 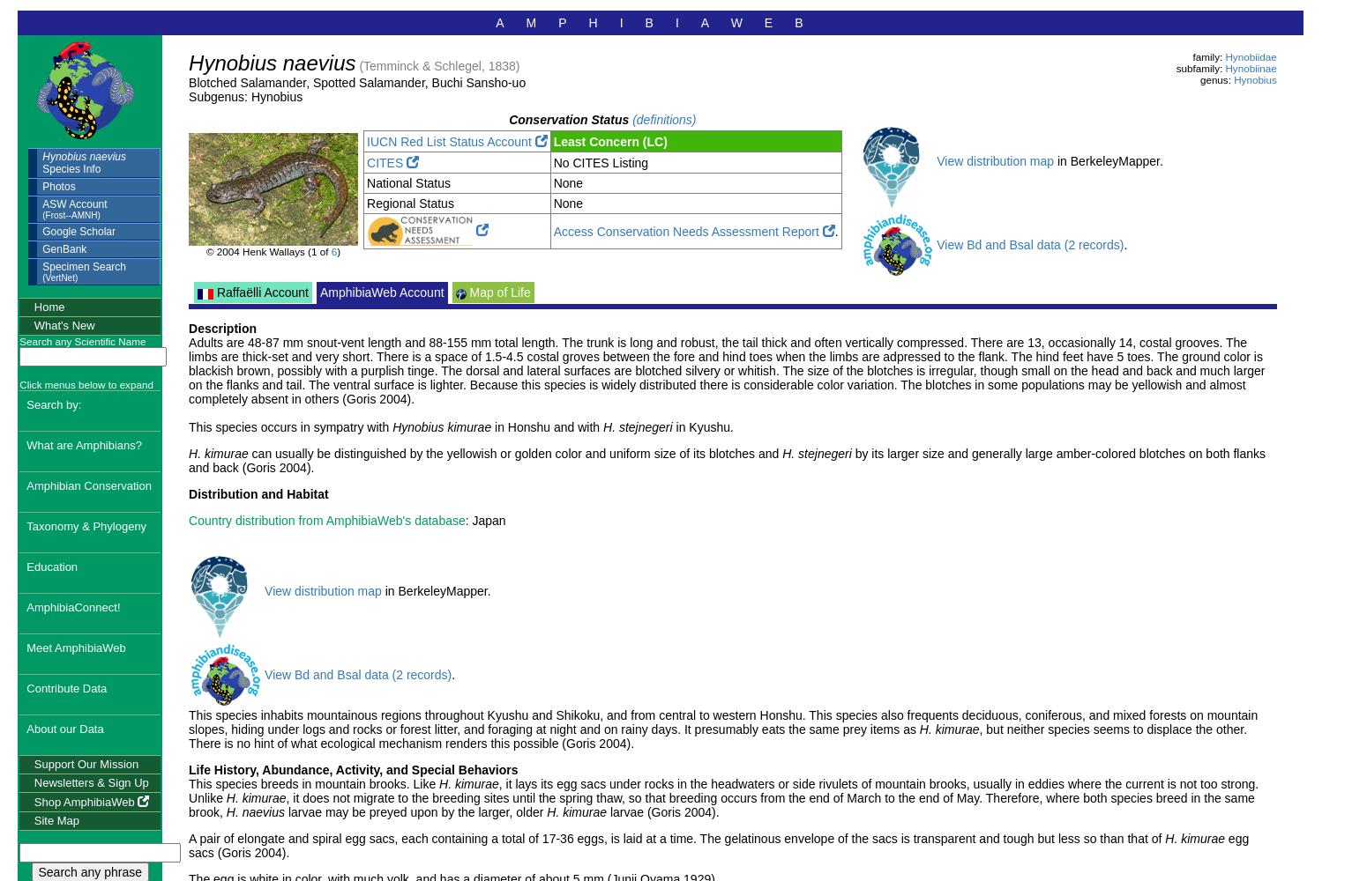 What do you see at coordinates (86, 383) in the screenshot?
I see `'Click menus below to expand'` at bounding box center [86, 383].